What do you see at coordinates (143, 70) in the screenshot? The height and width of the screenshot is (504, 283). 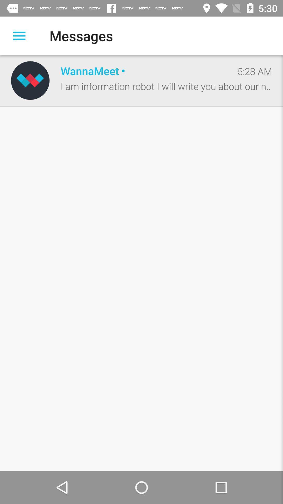 I see `the icon below the messages item` at bounding box center [143, 70].